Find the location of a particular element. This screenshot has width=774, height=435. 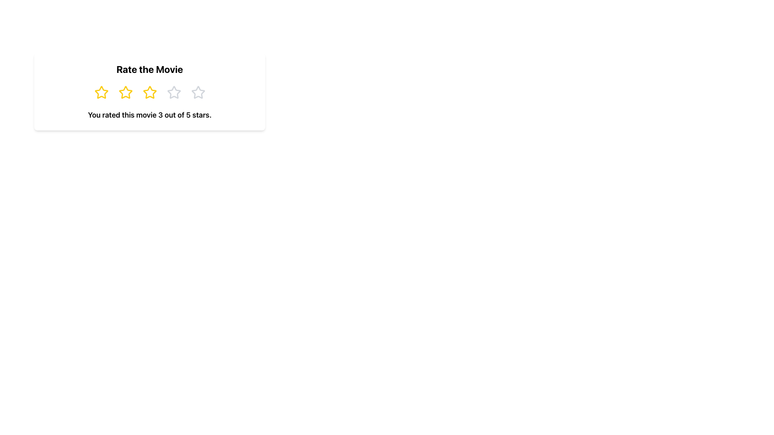

the third star icon in the rating interface is located at coordinates (150, 92).